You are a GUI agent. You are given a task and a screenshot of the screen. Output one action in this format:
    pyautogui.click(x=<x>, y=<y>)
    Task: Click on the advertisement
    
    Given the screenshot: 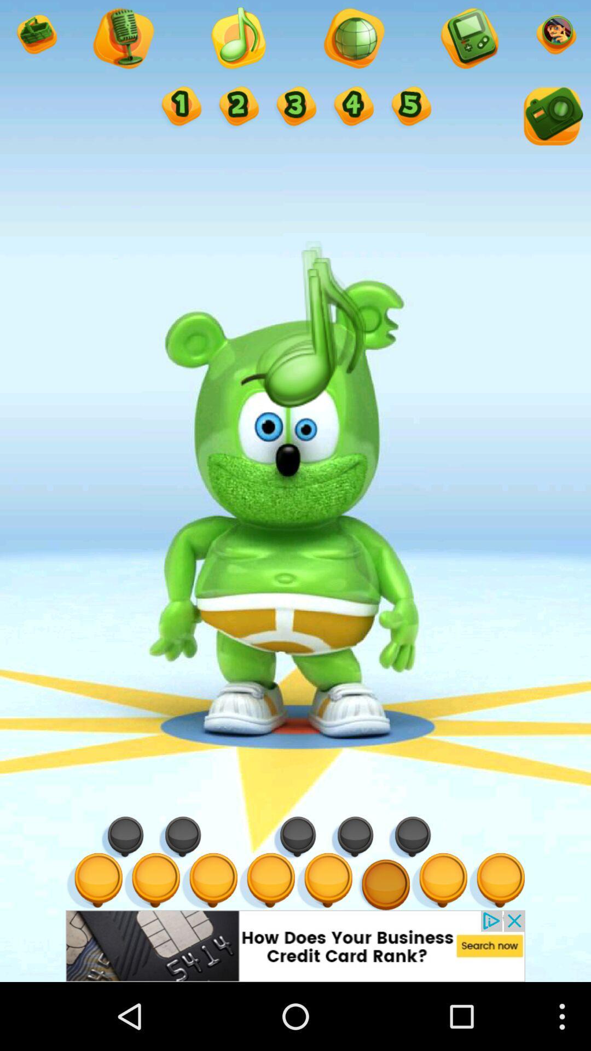 What is the action you would take?
    pyautogui.click(x=296, y=945)
    